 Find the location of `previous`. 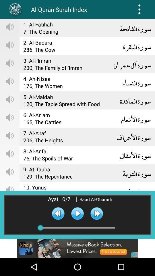

previous is located at coordinates (58, 213).